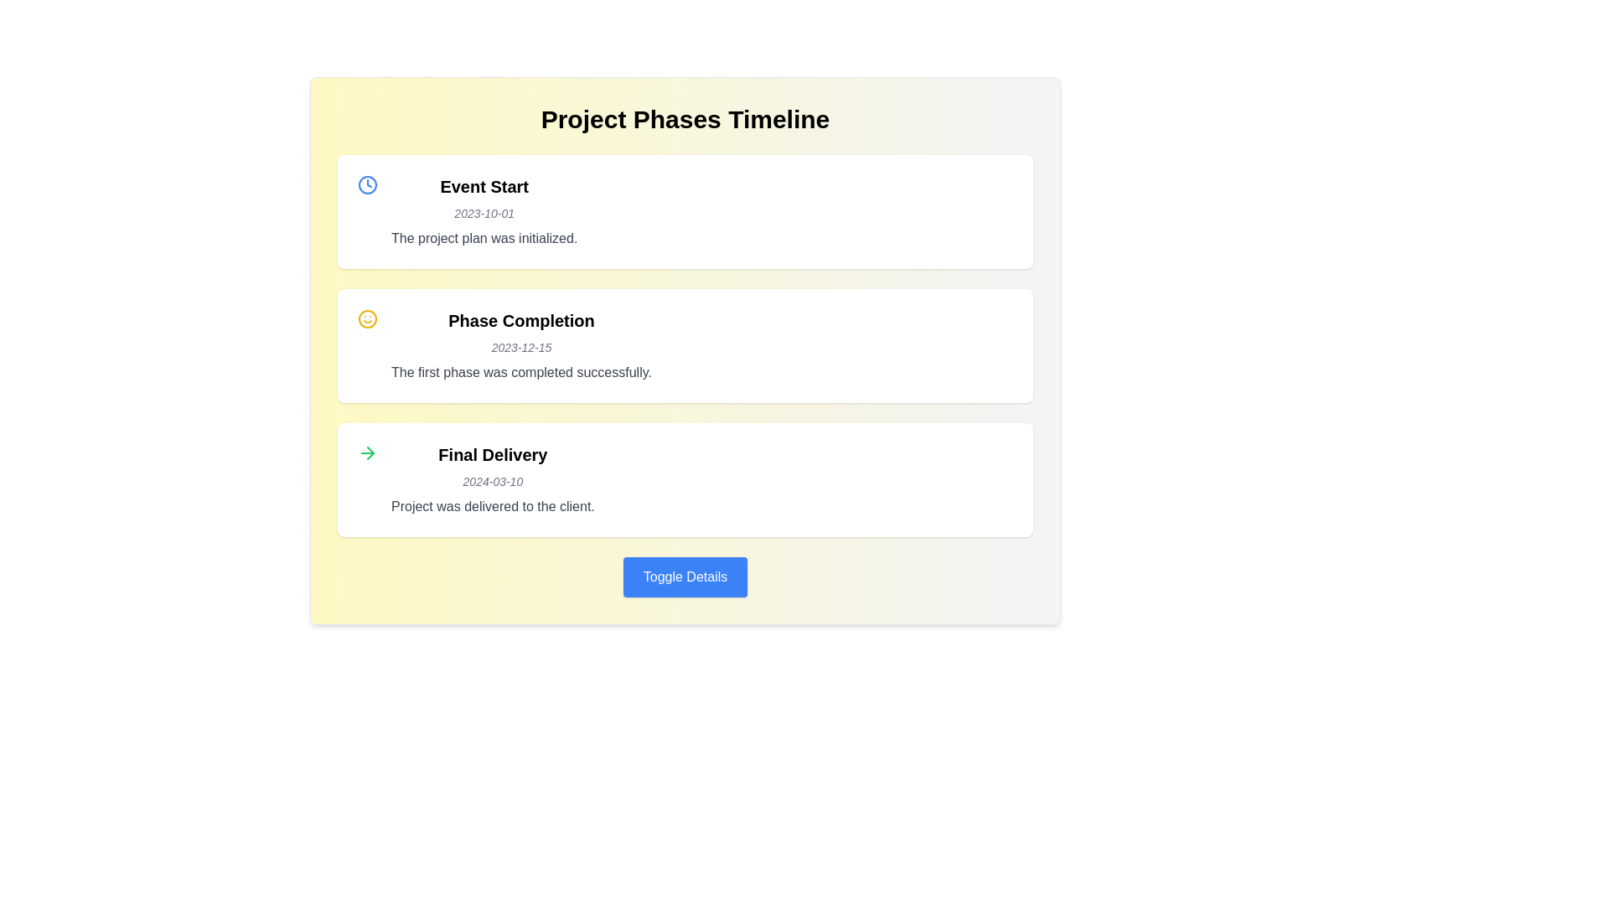 This screenshot has width=1609, height=905. Describe the element at coordinates (366, 184) in the screenshot. I see `the small circular clock icon with a blue outline located to the left of the 'Event Start' text in the timeline UI` at that location.